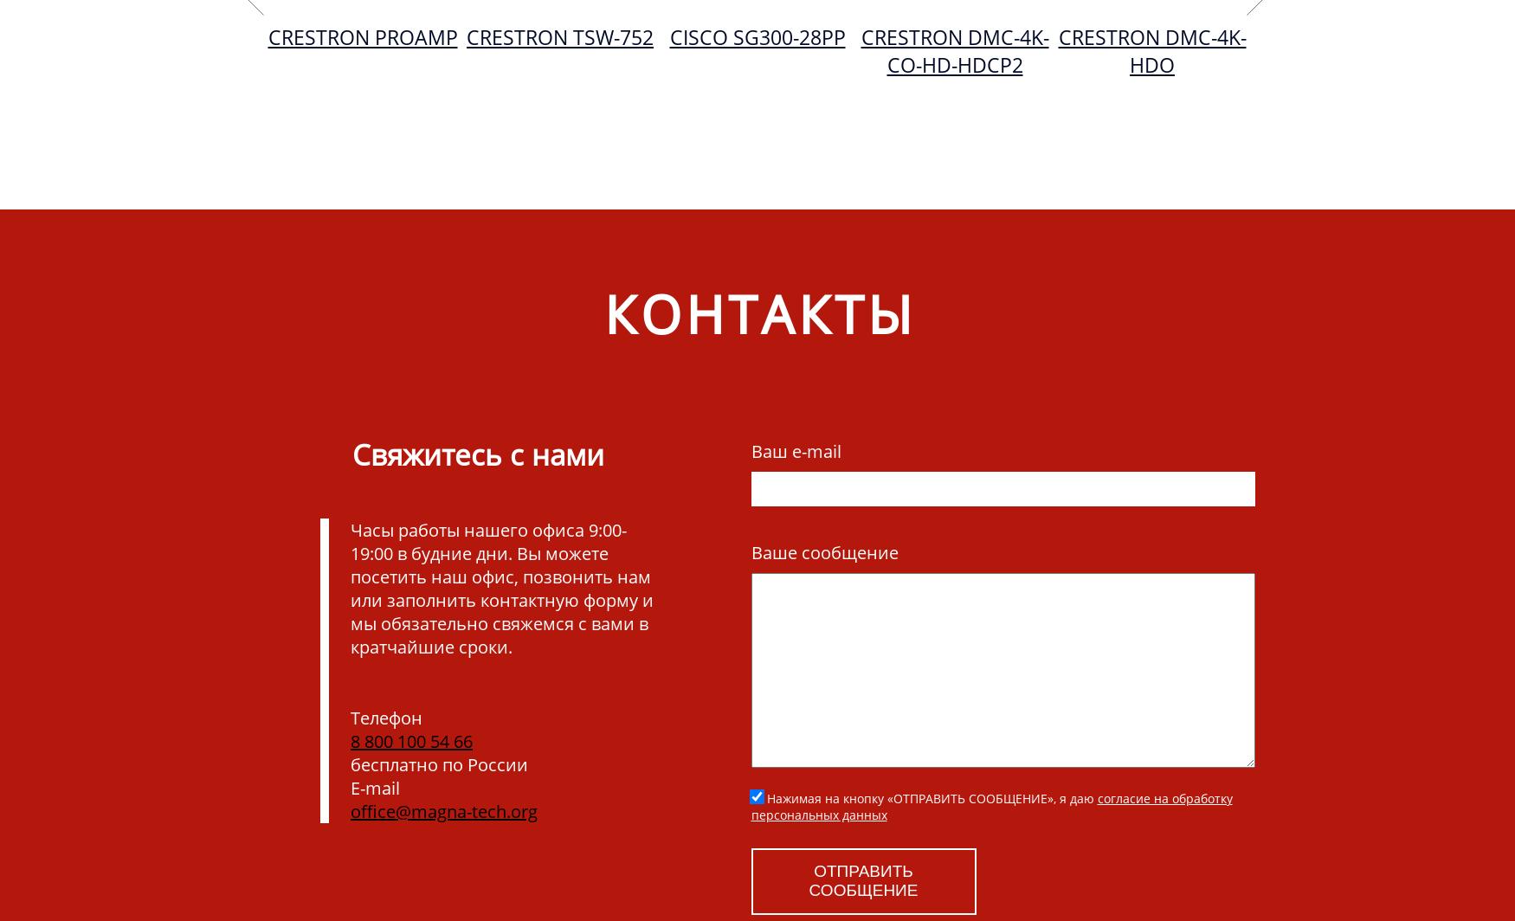 The width and height of the screenshot is (1515, 921). I want to click on 'office@magna-tech.org', so click(442, 810).